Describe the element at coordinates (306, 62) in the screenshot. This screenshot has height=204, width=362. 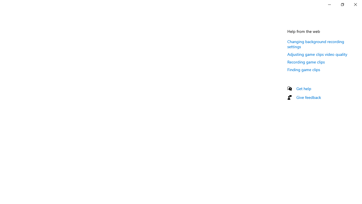
I see `'Recording game clips'` at that location.